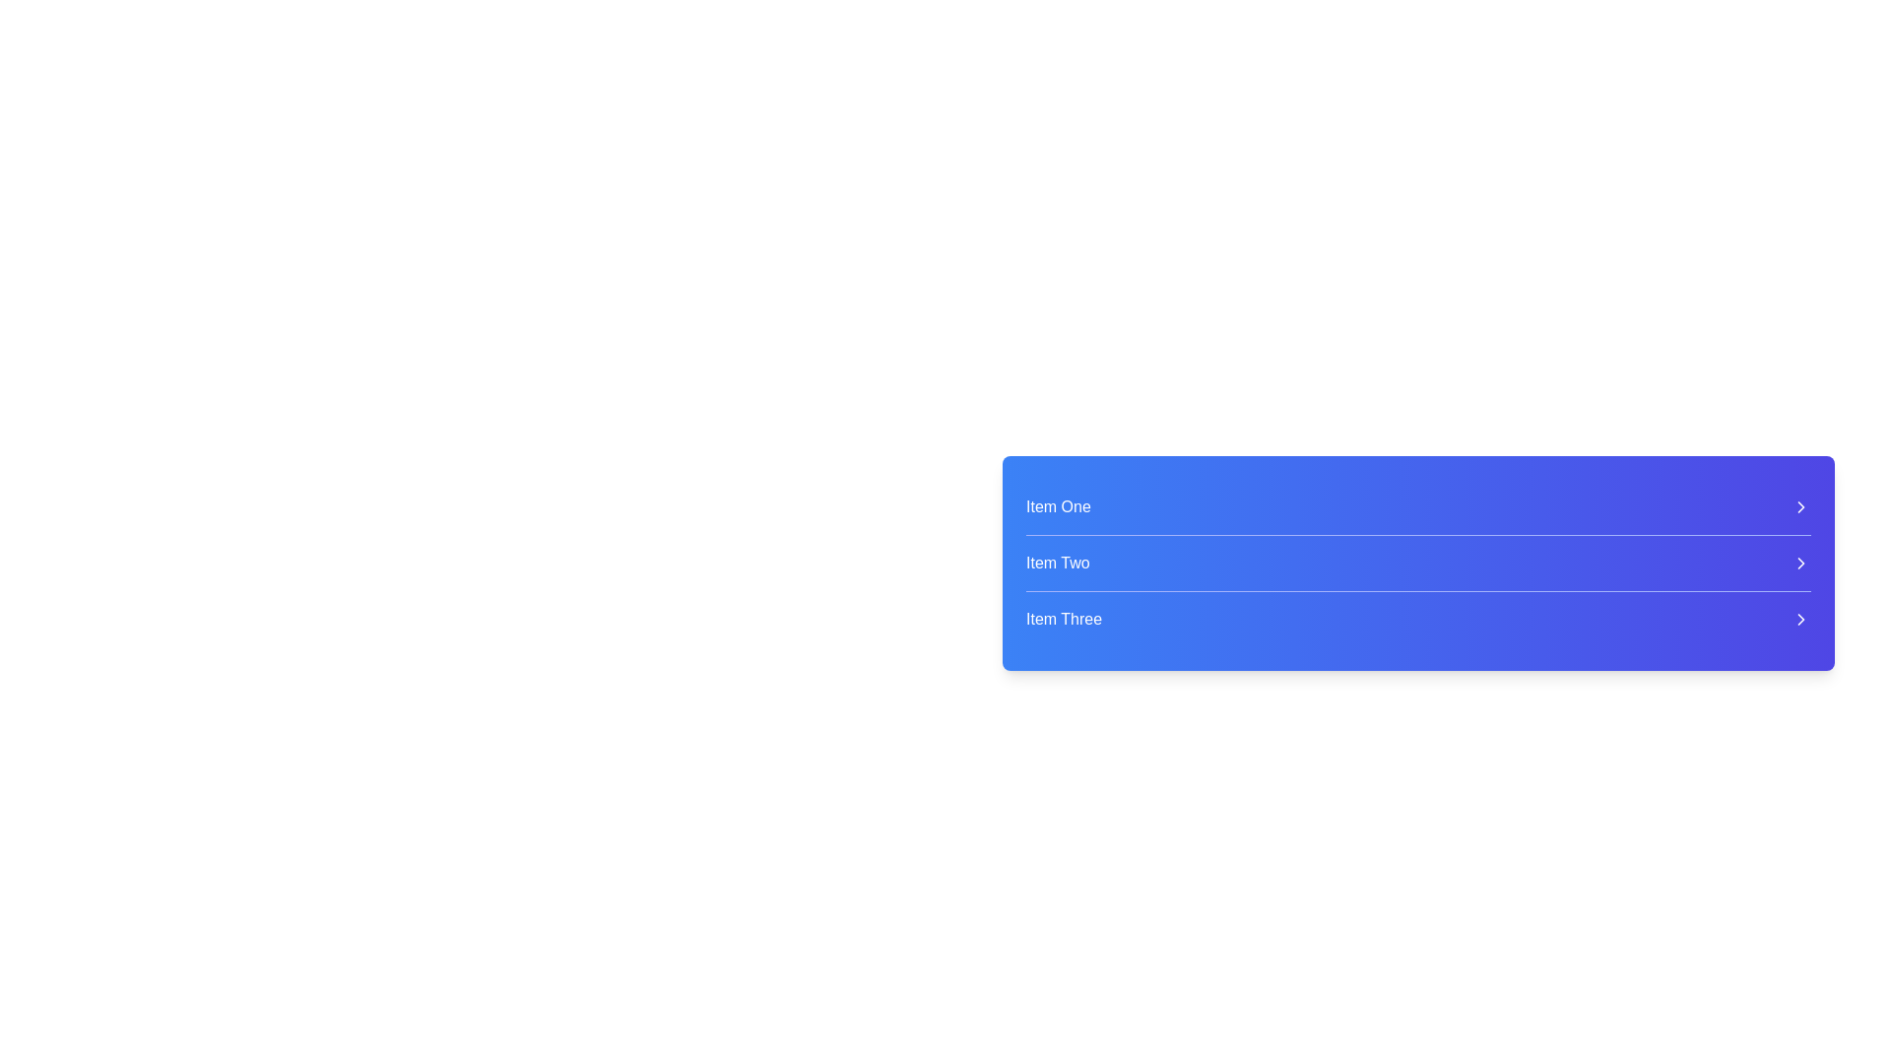 Image resolution: width=1891 pixels, height=1064 pixels. I want to click on chevron SVG icon for the 'Item Three' menu entry located at the far right of the third row in the vertically stacked menu interface, so click(1800, 506).